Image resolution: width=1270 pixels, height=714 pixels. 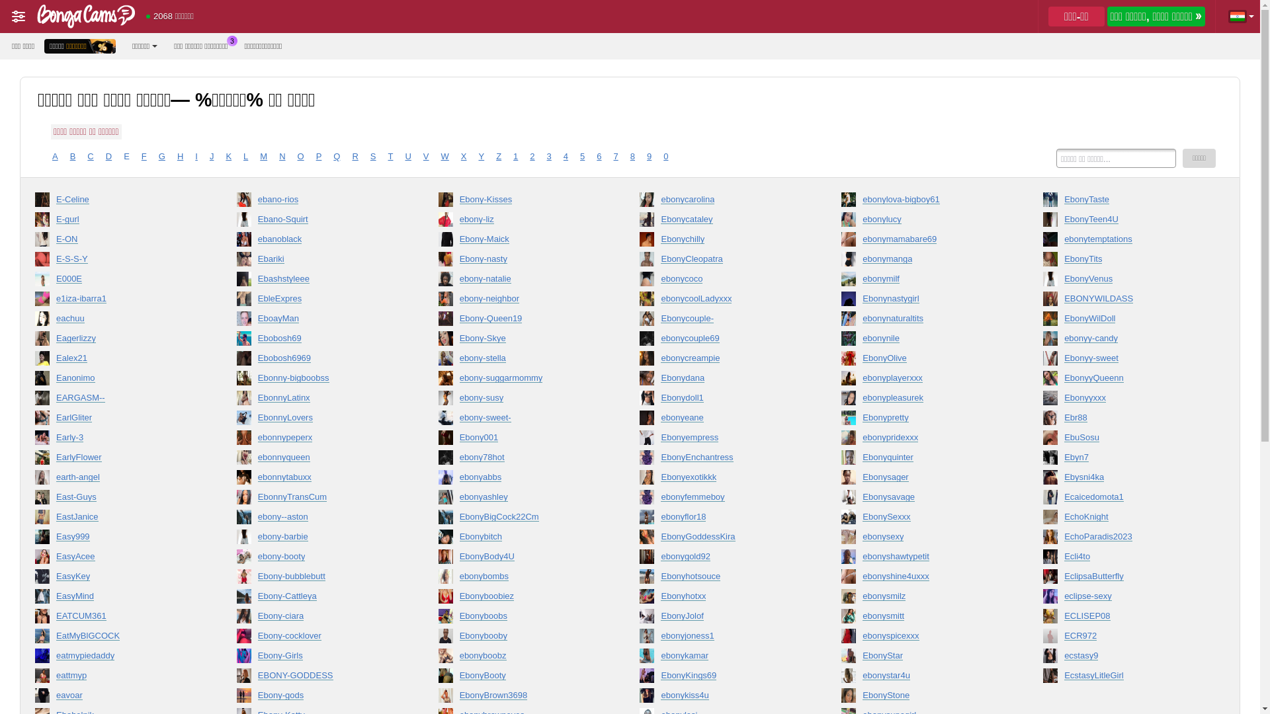 What do you see at coordinates (923, 697) in the screenshot?
I see `'EbonyStone'` at bounding box center [923, 697].